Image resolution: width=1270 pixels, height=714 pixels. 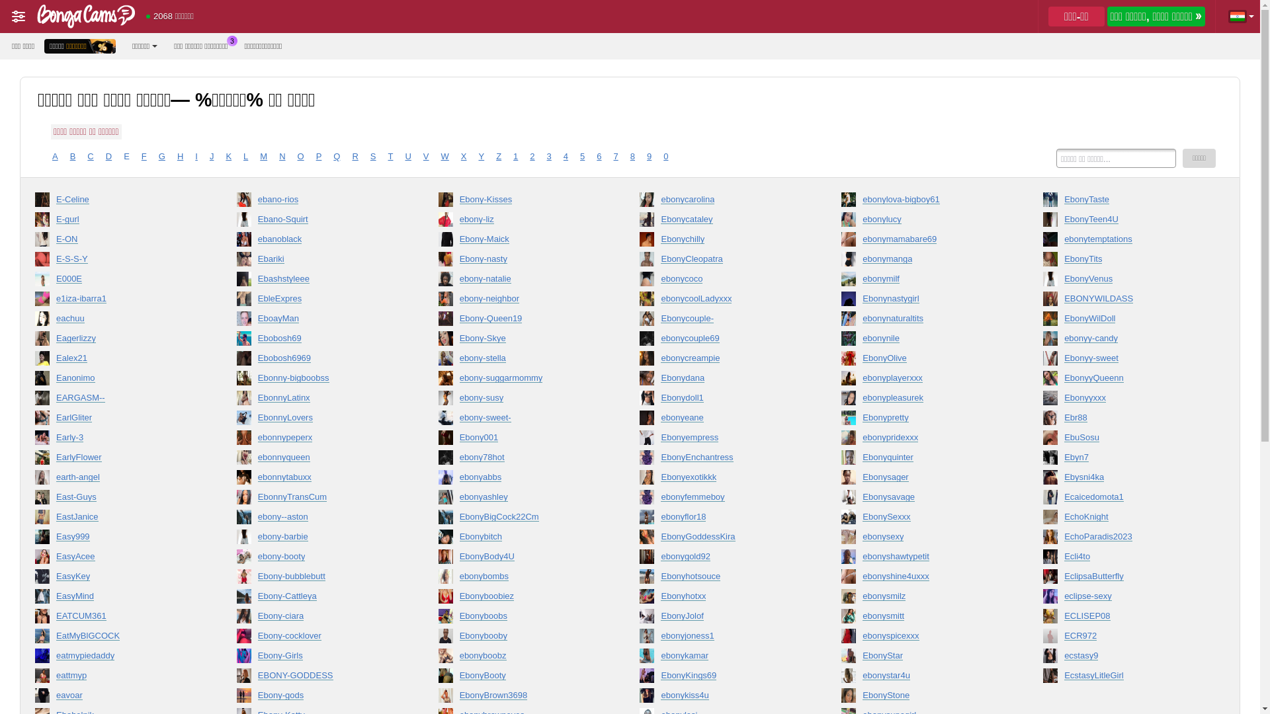 What do you see at coordinates (923, 697) in the screenshot?
I see `'EbonyStone'` at bounding box center [923, 697].